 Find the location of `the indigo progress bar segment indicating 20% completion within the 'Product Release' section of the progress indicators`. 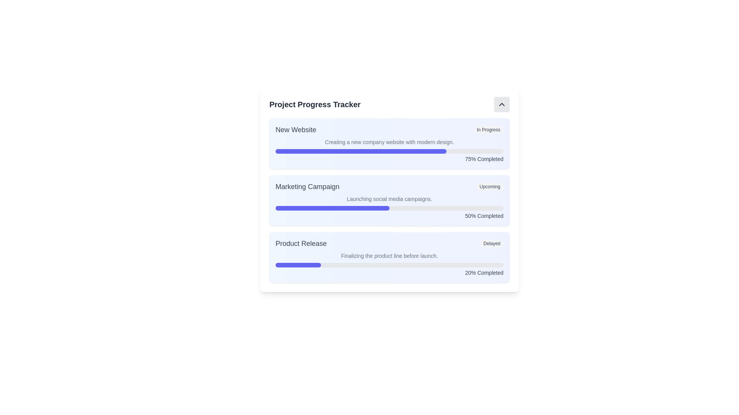

the indigo progress bar segment indicating 20% completion within the 'Product Release' section of the progress indicators is located at coordinates (298, 265).